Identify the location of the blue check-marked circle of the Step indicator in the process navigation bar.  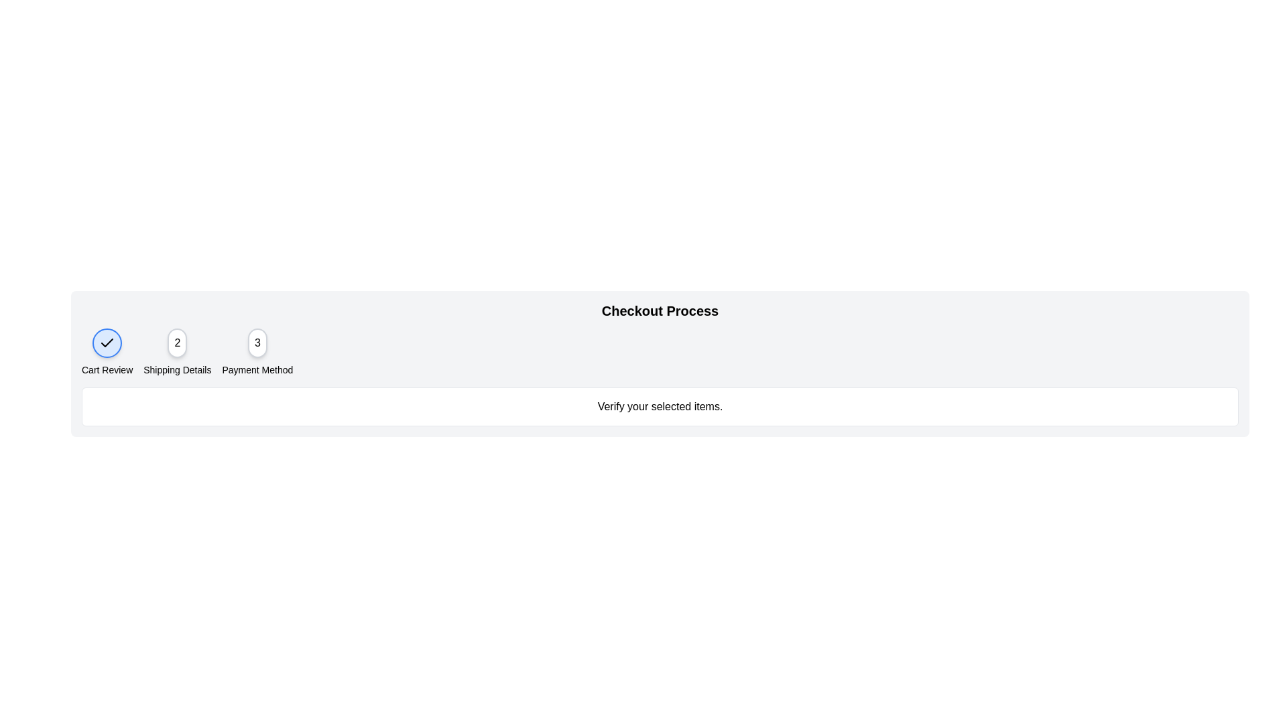
(107, 351).